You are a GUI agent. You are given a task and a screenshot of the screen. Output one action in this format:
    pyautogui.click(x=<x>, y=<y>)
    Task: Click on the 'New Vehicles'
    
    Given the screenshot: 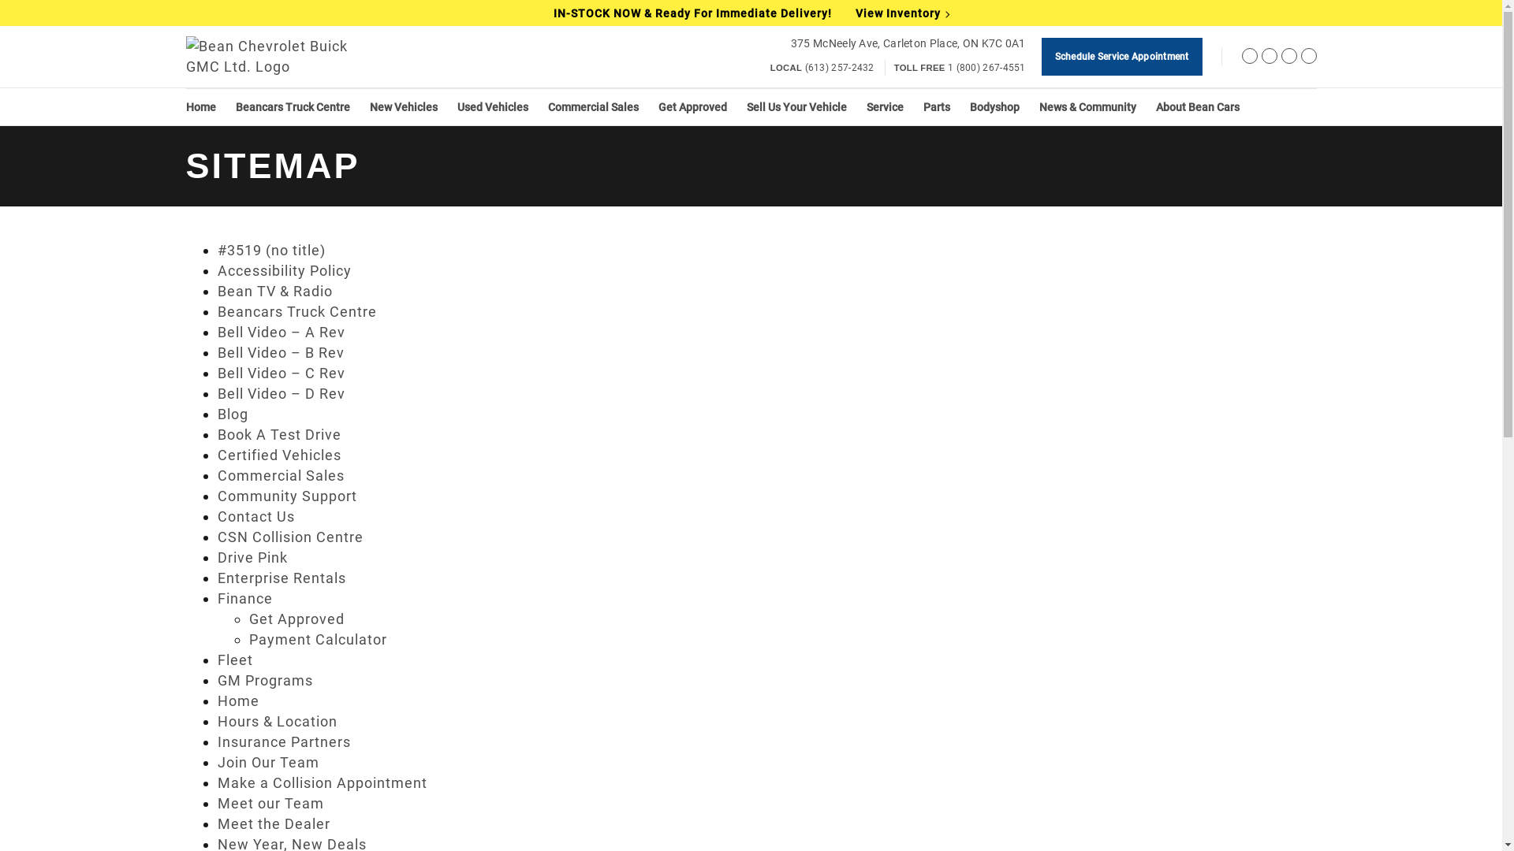 What is the action you would take?
    pyautogui.click(x=402, y=106)
    